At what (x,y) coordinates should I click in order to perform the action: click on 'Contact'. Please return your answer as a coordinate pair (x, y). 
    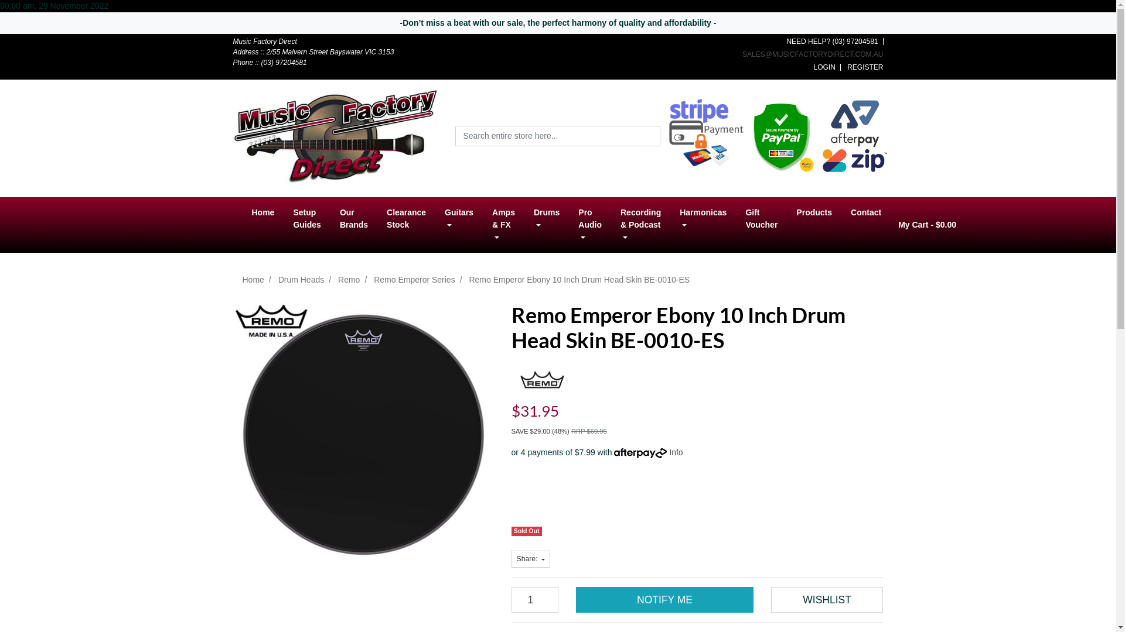
    Looking at the image, I should click on (866, 212).